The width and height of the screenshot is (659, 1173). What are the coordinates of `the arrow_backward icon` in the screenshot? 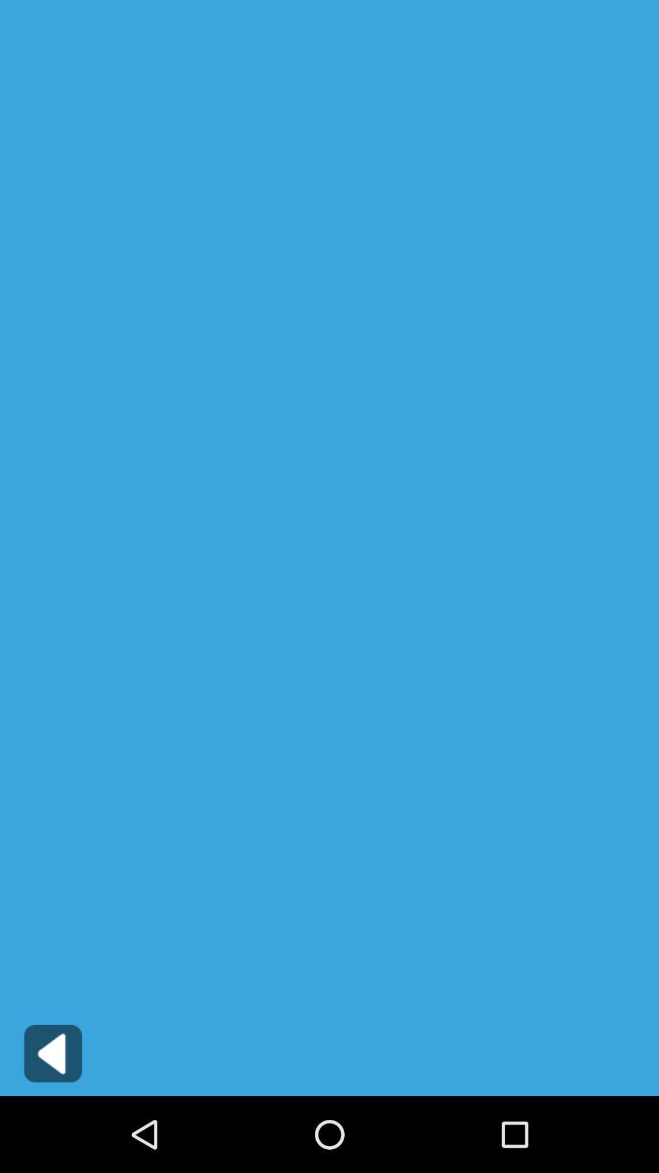 It's located at (52, 1127).